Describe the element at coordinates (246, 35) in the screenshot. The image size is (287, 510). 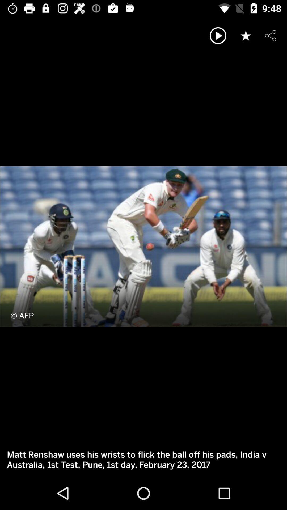
I see `to favorites` at that location.